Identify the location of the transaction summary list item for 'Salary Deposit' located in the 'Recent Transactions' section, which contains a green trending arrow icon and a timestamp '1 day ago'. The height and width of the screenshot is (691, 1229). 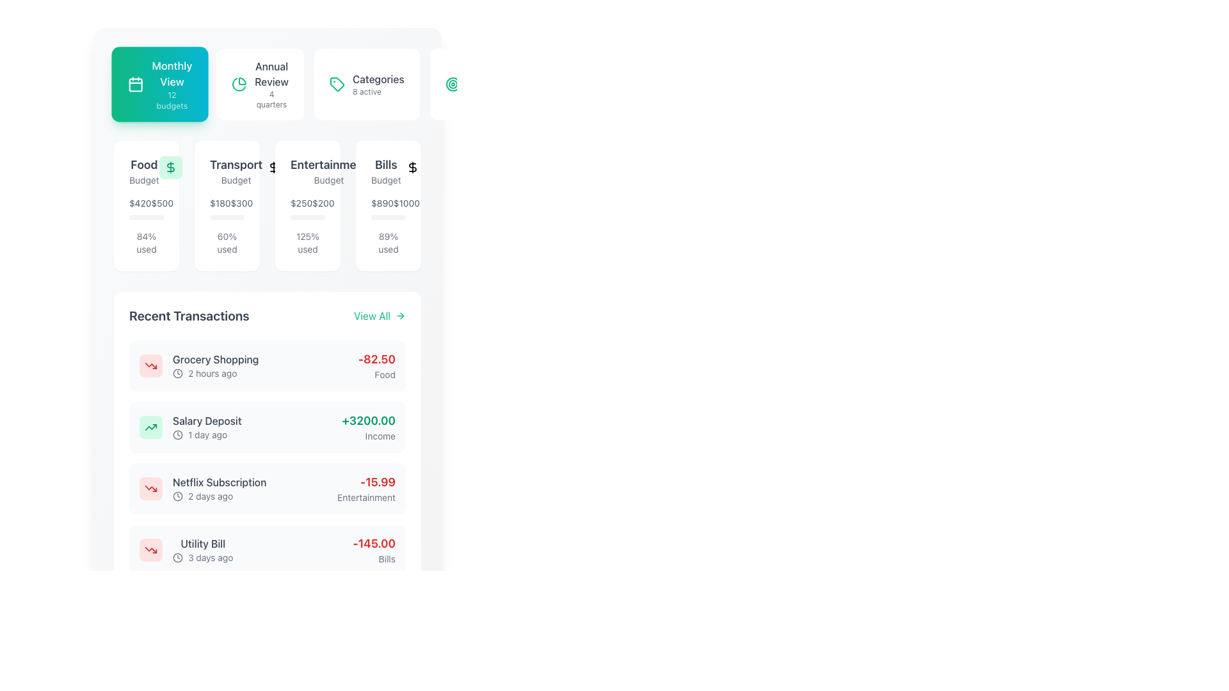
(189, 427).